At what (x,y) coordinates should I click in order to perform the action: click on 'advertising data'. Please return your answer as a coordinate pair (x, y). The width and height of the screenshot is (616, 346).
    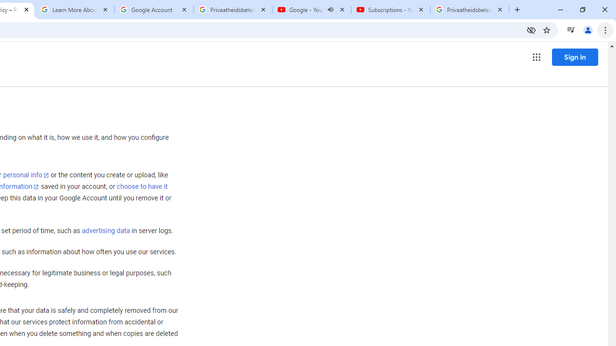
    Looking at the image, I should click on (105, 231).